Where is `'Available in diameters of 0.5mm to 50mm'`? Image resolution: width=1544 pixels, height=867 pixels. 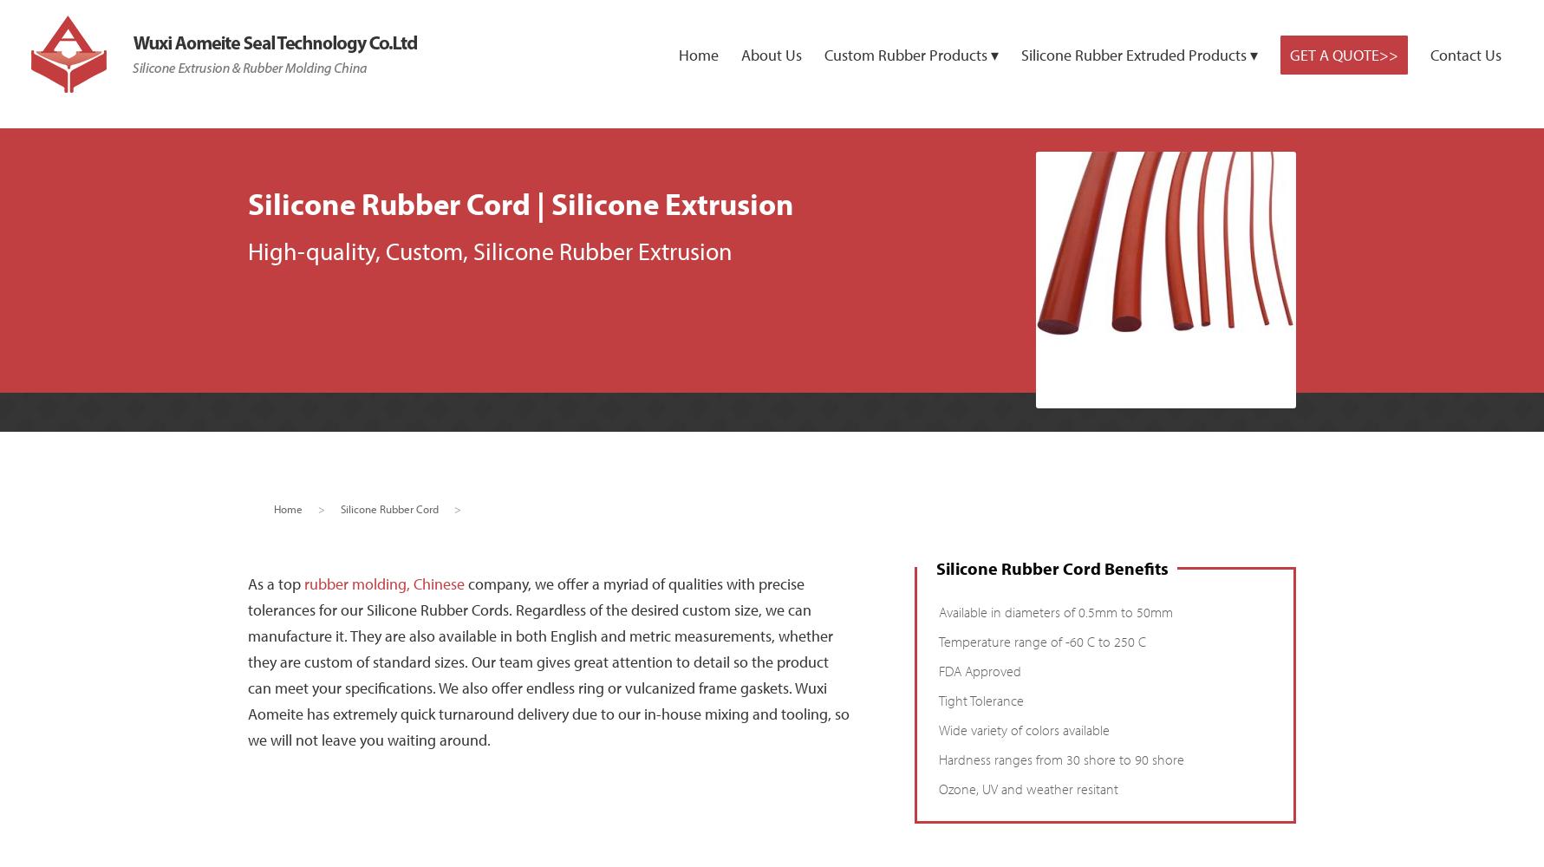 'Available in diameters of 0.5mm to 50mm' is located at coordinates (1055, 611).